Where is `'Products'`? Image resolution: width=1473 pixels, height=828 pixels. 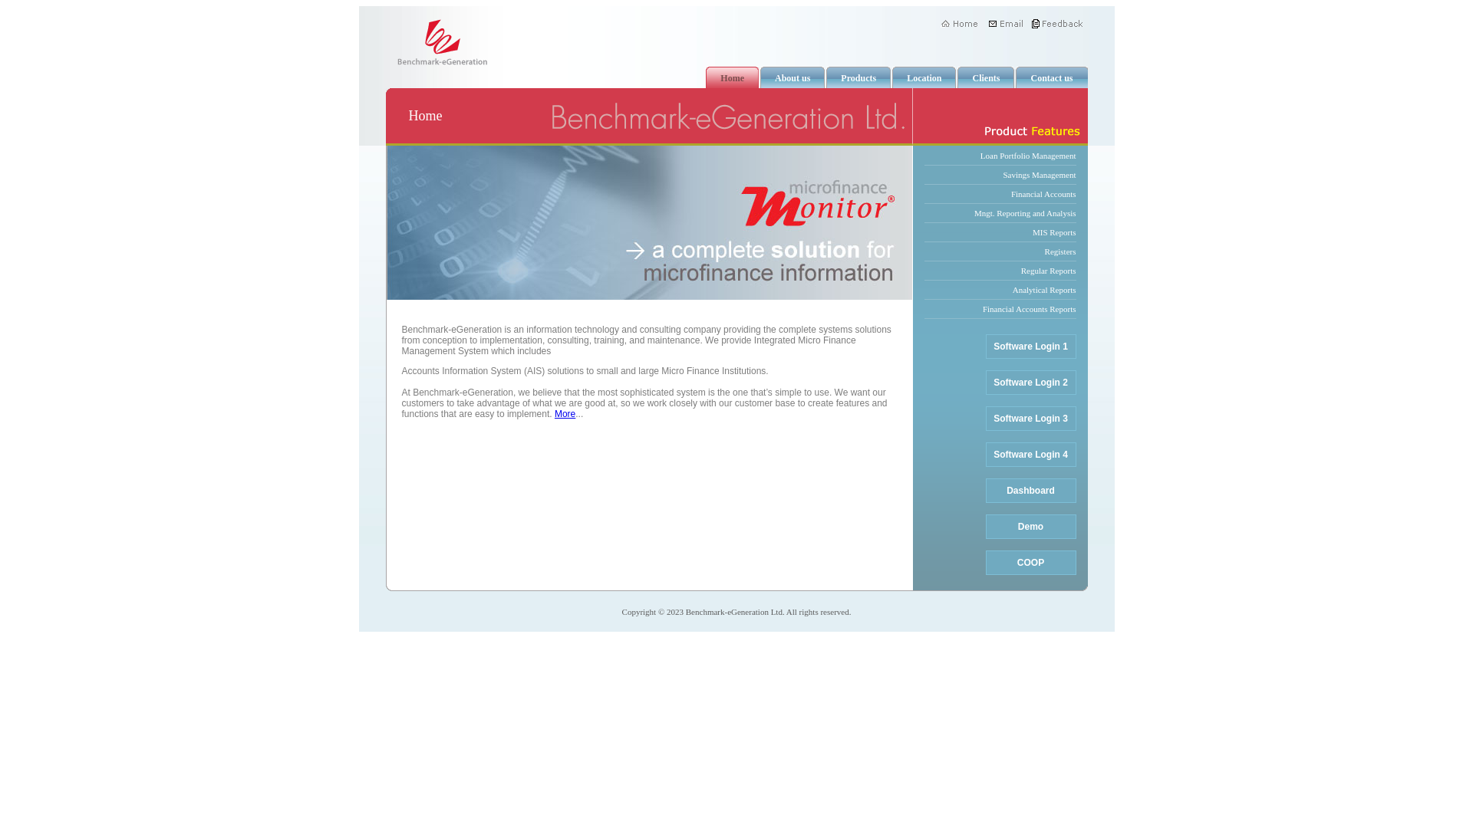 'Products' is located at coordinates (862, 77).